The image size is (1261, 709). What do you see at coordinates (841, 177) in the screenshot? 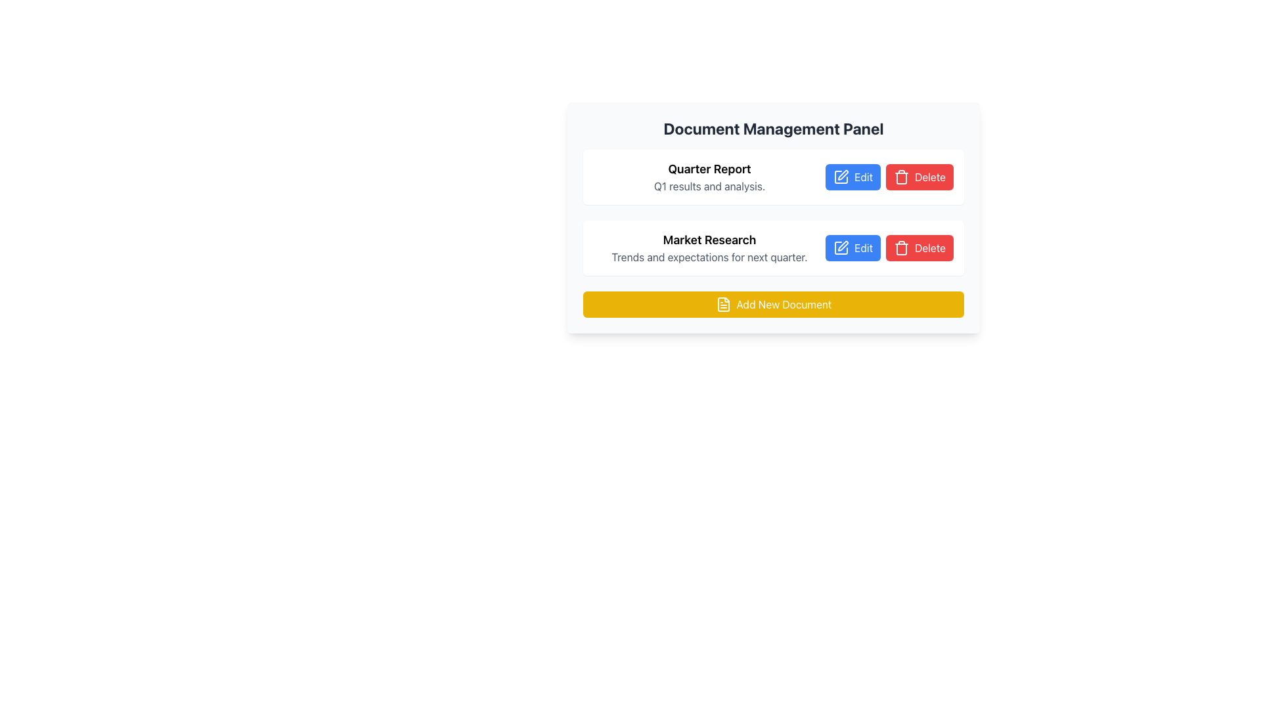
I see `the icon representing a square with a pen crossing it diagonally, located next to the 'Edit' button in the first document row labeled 'Quarter Report' in the Document Management Panel` at bounding box center [841, 177].